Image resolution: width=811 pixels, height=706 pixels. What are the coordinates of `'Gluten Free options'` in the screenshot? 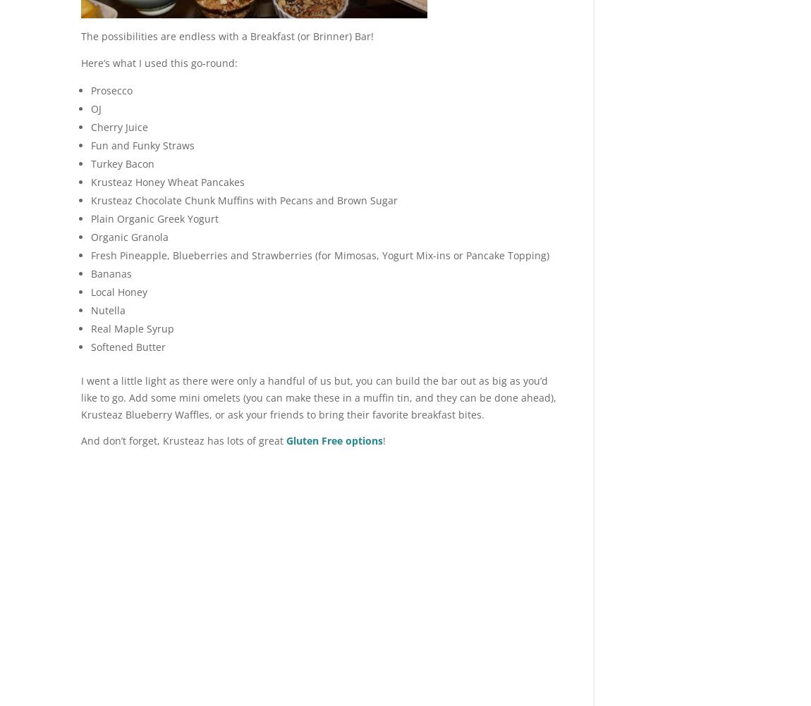 It's located at (334, 440).